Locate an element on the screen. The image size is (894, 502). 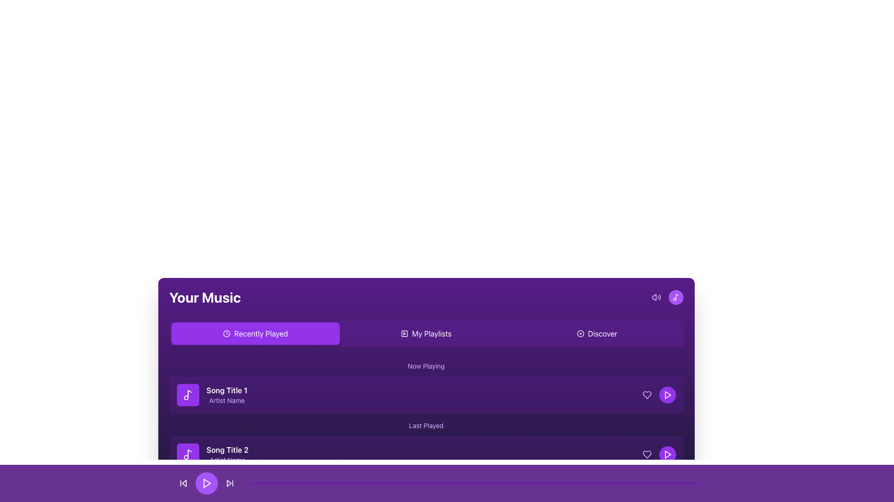
the heart-shaped icon at the right end of the row of song control buttons to favorite the song is located at coordinates (646, 454).